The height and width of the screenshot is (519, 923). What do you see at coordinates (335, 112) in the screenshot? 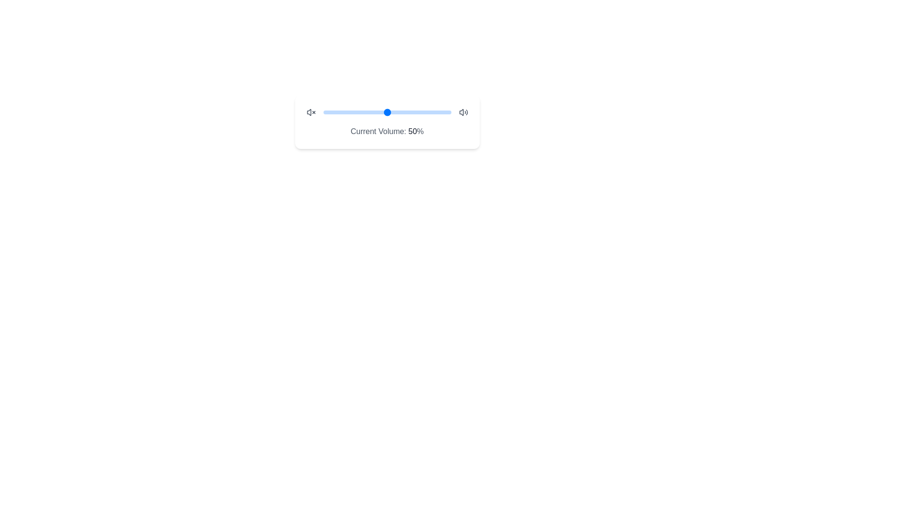
I see `the slider to set the volume to 9%` at bounding box center [335, 112].